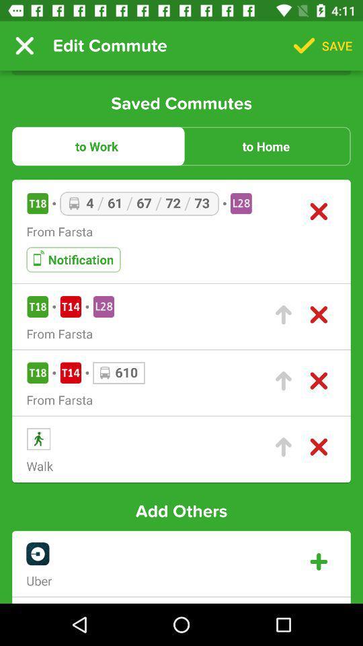  I want to click on remove a route from the list, so click(318, 381).